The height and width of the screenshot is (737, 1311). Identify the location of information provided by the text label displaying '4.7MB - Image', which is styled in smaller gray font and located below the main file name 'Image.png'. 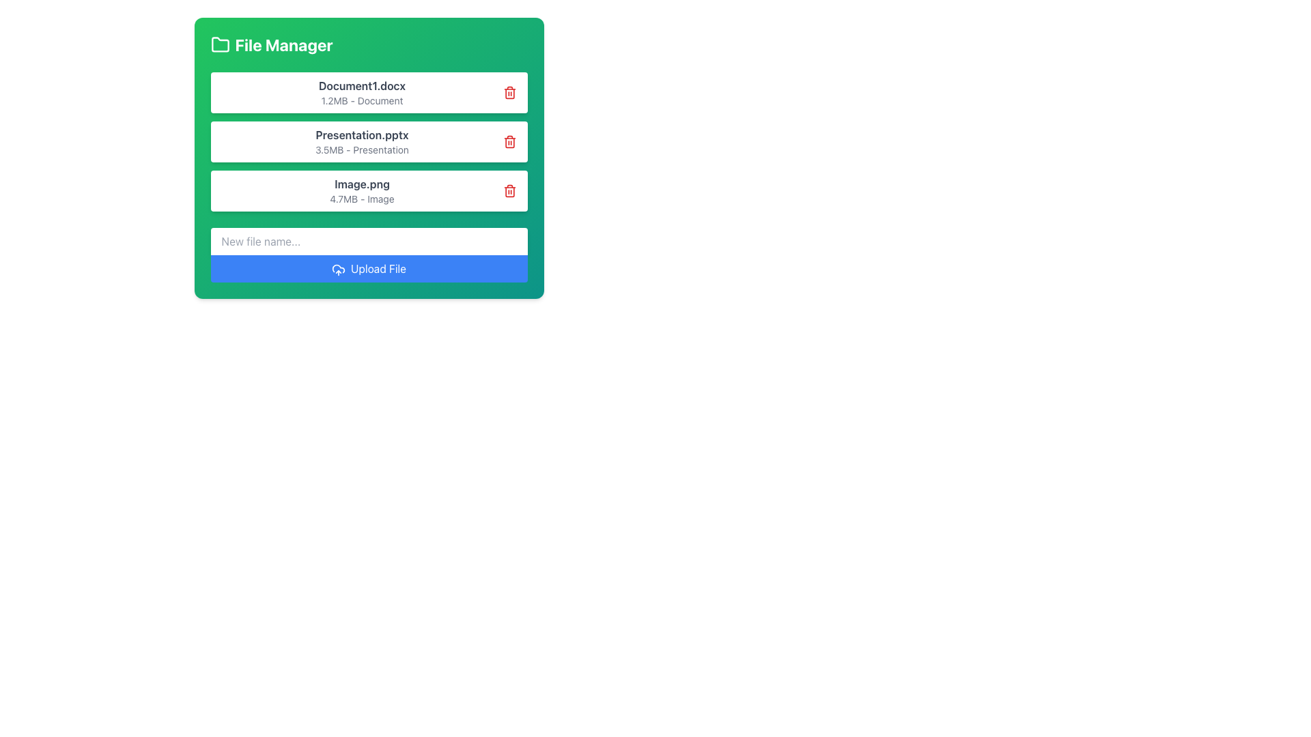
(362, 199).